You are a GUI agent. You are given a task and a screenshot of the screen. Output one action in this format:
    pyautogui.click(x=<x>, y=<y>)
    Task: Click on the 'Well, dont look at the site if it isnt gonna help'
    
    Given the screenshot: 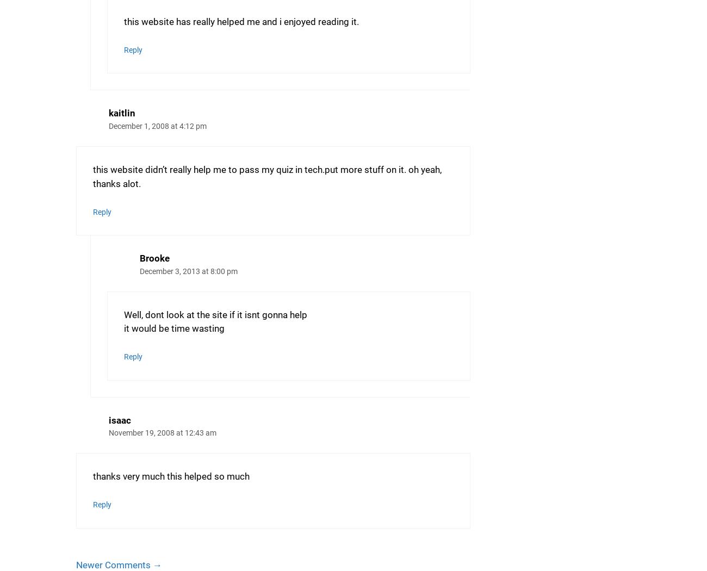 What is the action you would take?
    pyautogui.click(x=215, y=314)
    